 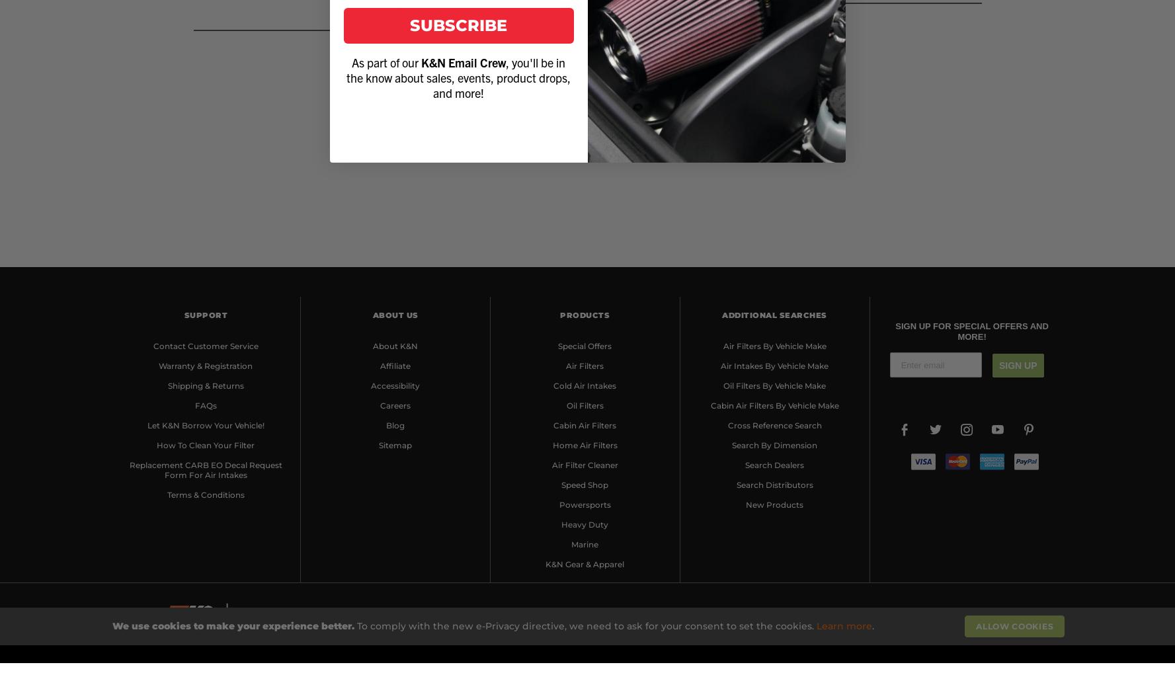 What do you see at coordinates (735, 484) in the screenshot?
I see `'Search Distributors'` at bounding box center [735, 484].